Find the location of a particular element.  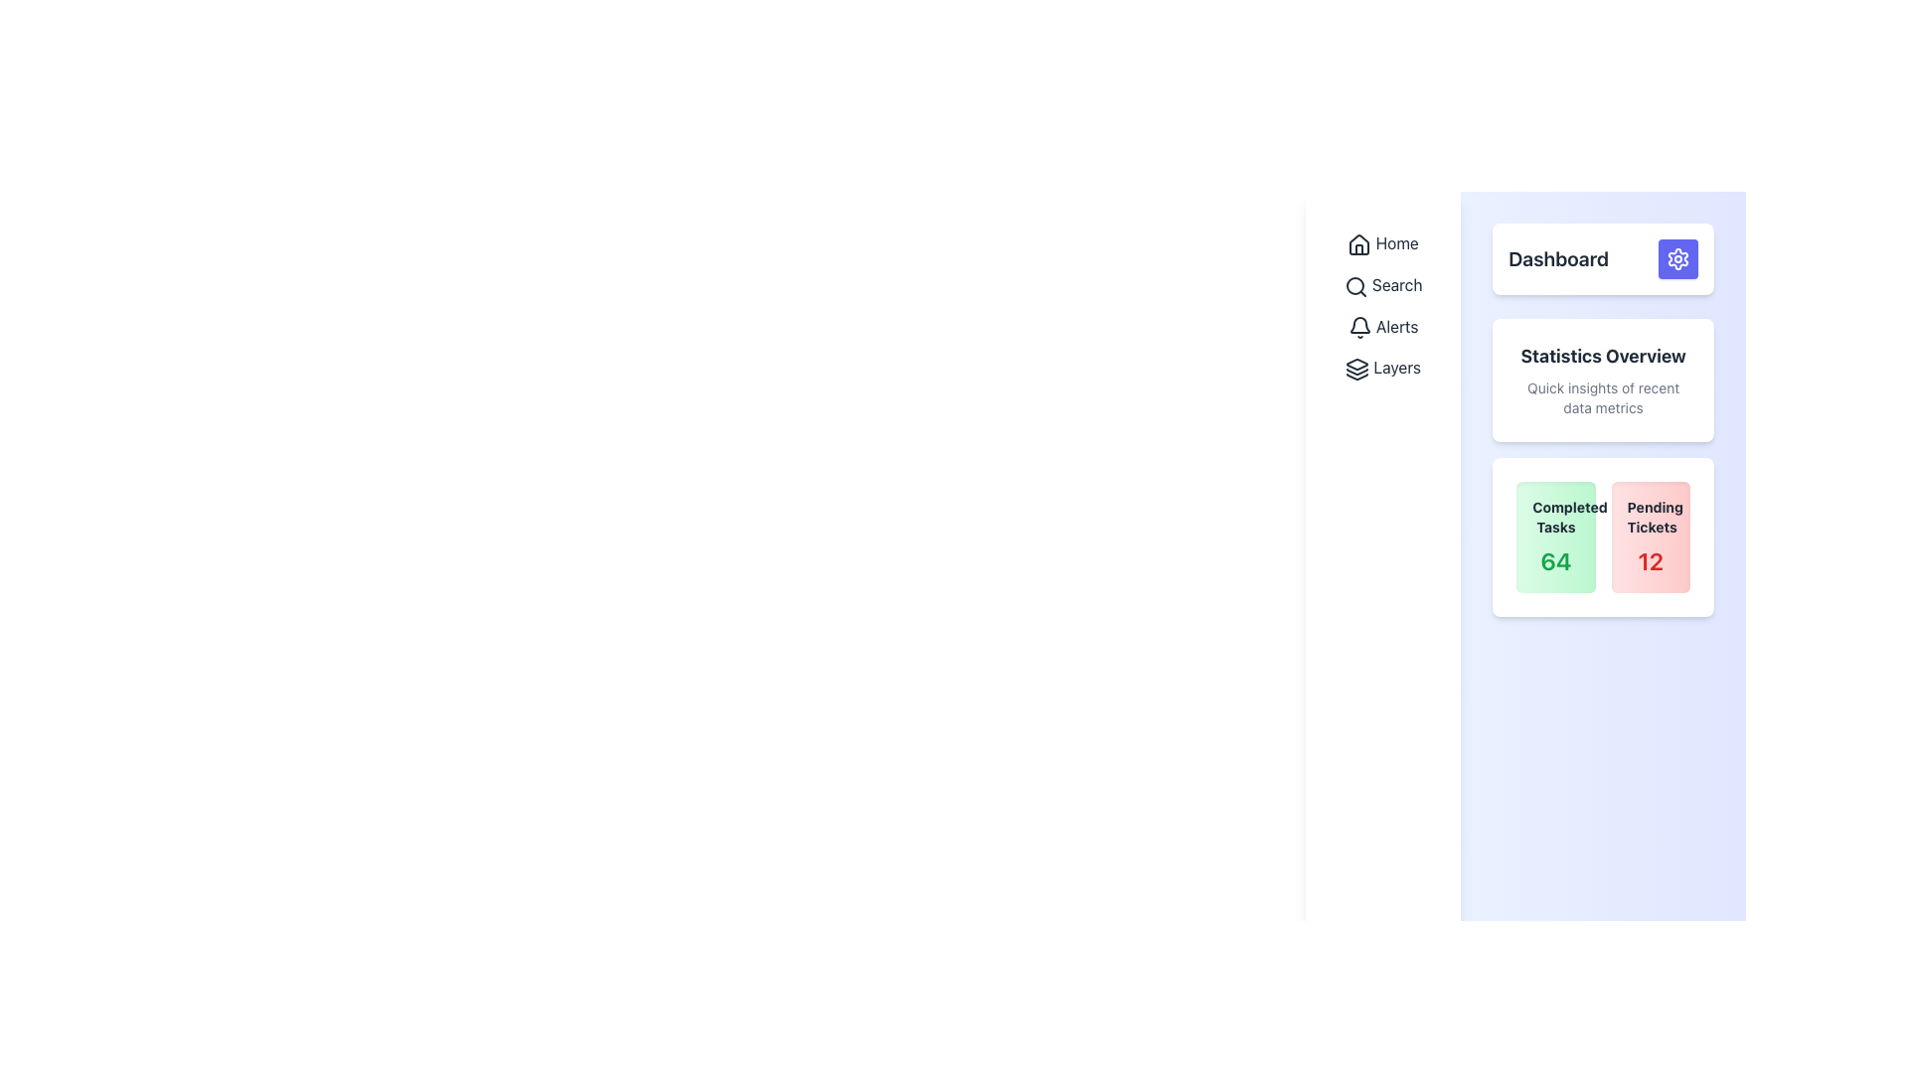

the informational block displaying the count of pending tickets, which shows '12', located in the lower right section of the layout is located at coordinates (1651, 536).